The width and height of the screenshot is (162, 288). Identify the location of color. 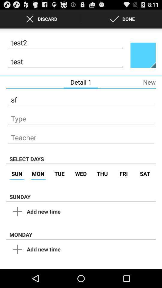
(142, 55).